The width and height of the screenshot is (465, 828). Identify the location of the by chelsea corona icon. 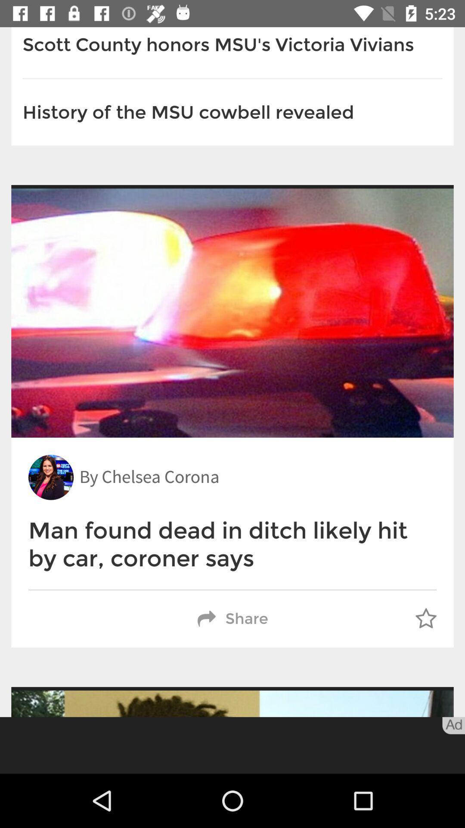
(149, 477).